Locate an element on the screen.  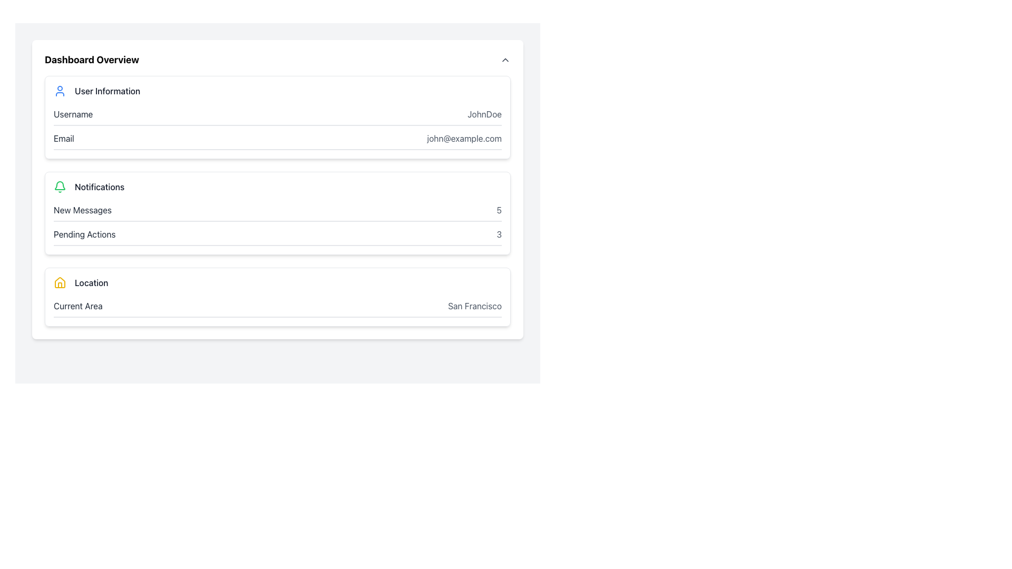
the 'Location' icon, which is the leftmost component in the row under the labeled section titled 'Location' is located at coordinates (60, 282).